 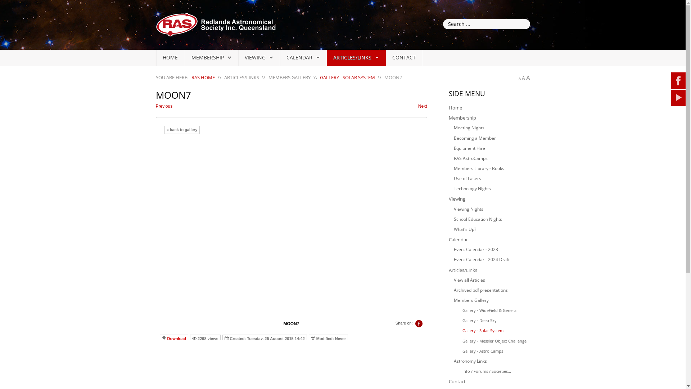 I want to click on 'Home', so click(x=448, y=108).